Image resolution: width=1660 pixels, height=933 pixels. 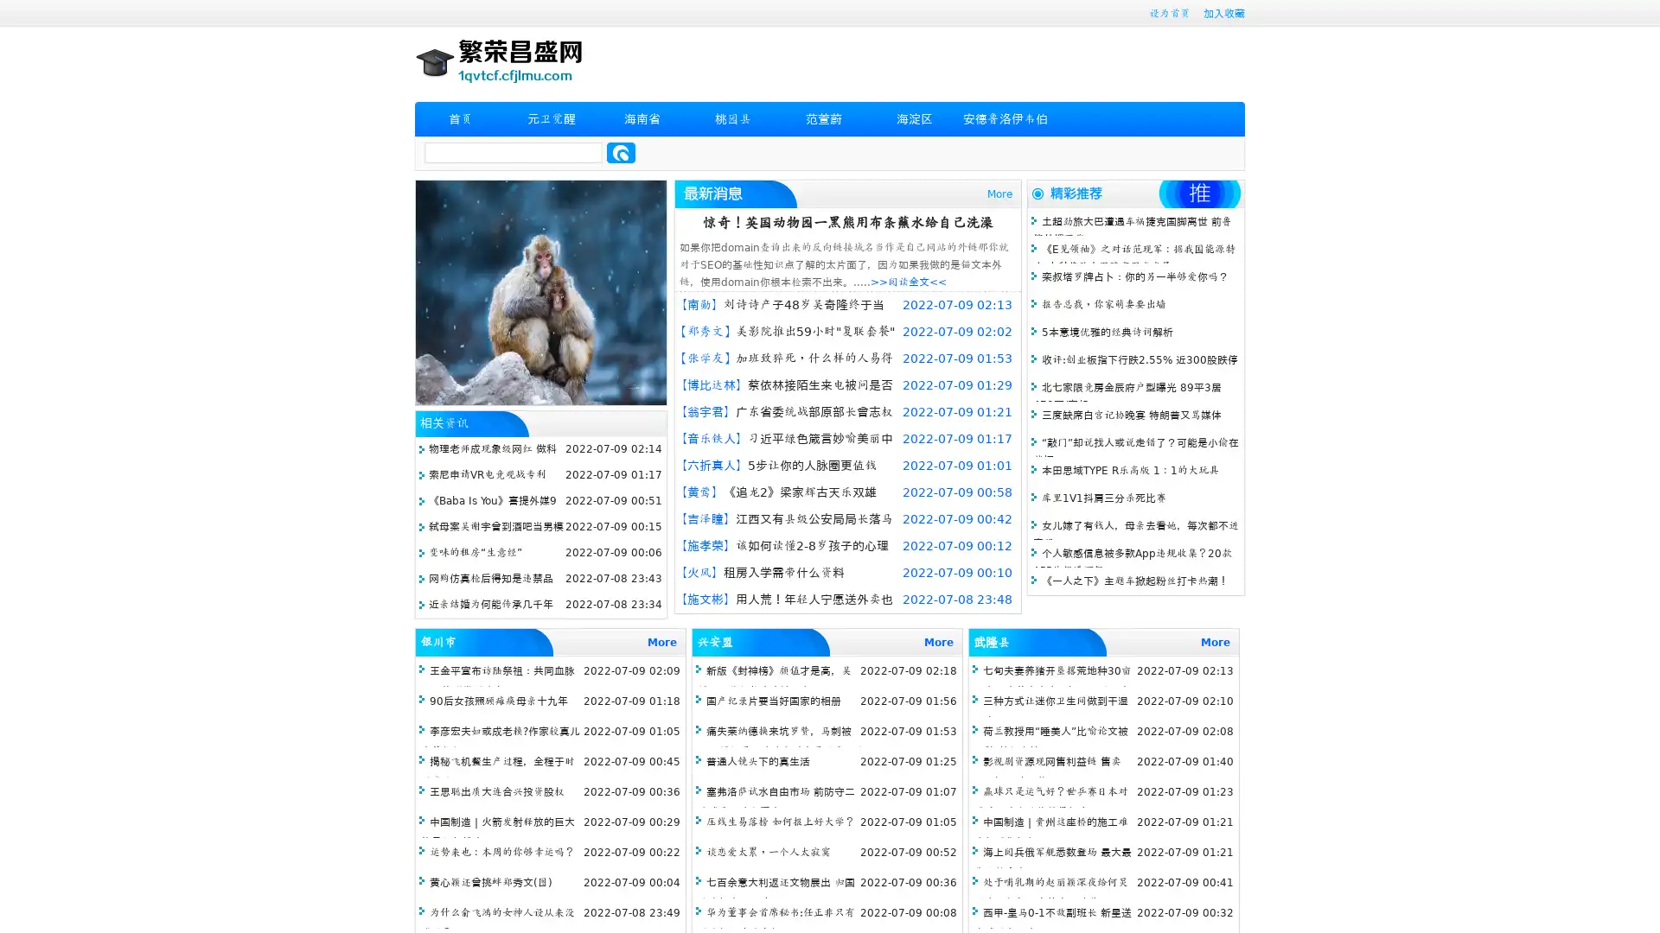 What do you see at coordinates (621, 152) in the screenshot?
I see `Search` at bounding box center [621, 152].